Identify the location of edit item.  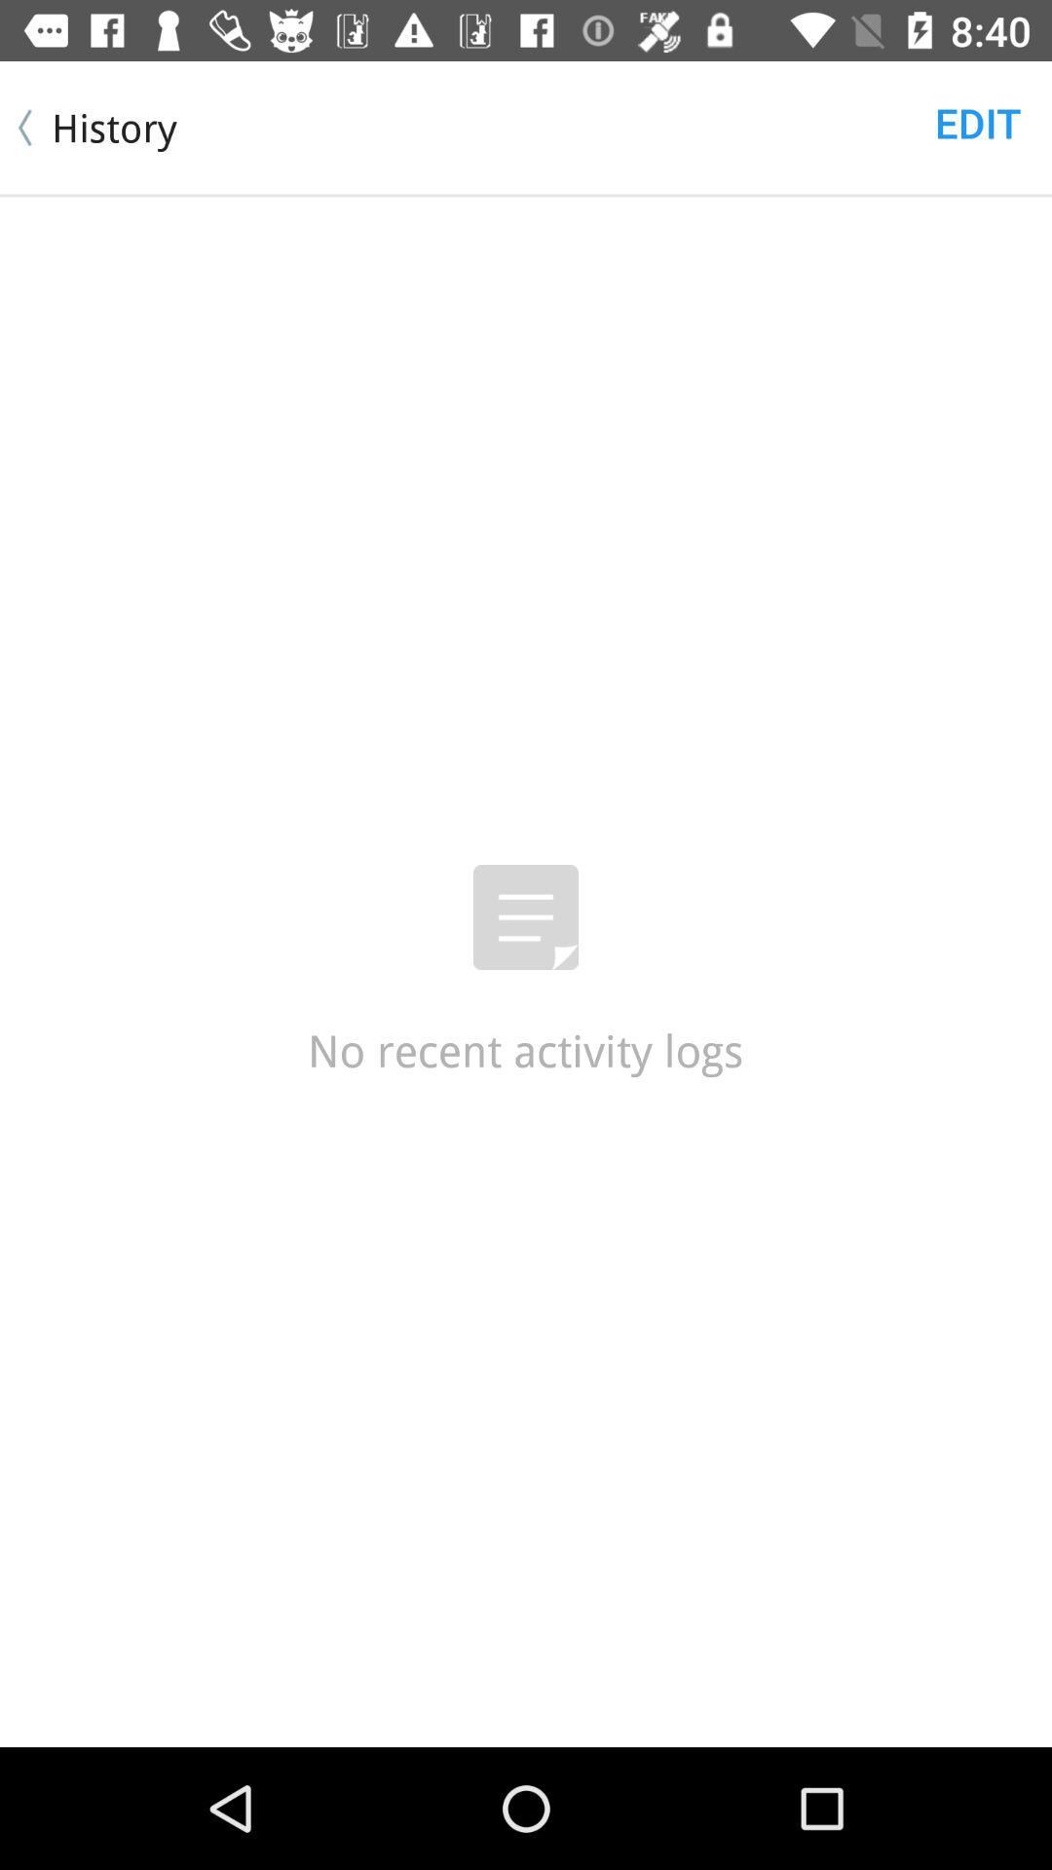
(978, 121).